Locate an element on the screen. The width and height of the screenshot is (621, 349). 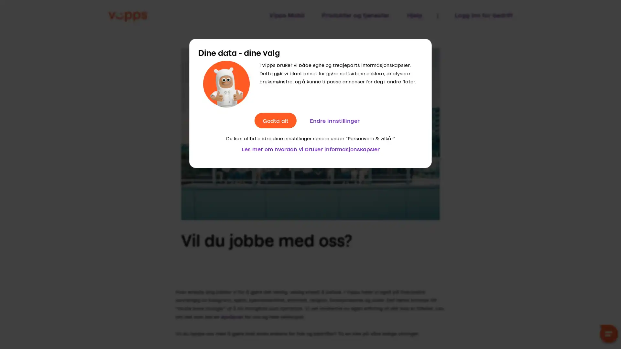
Start en chat is located at coordinates (608, 335).